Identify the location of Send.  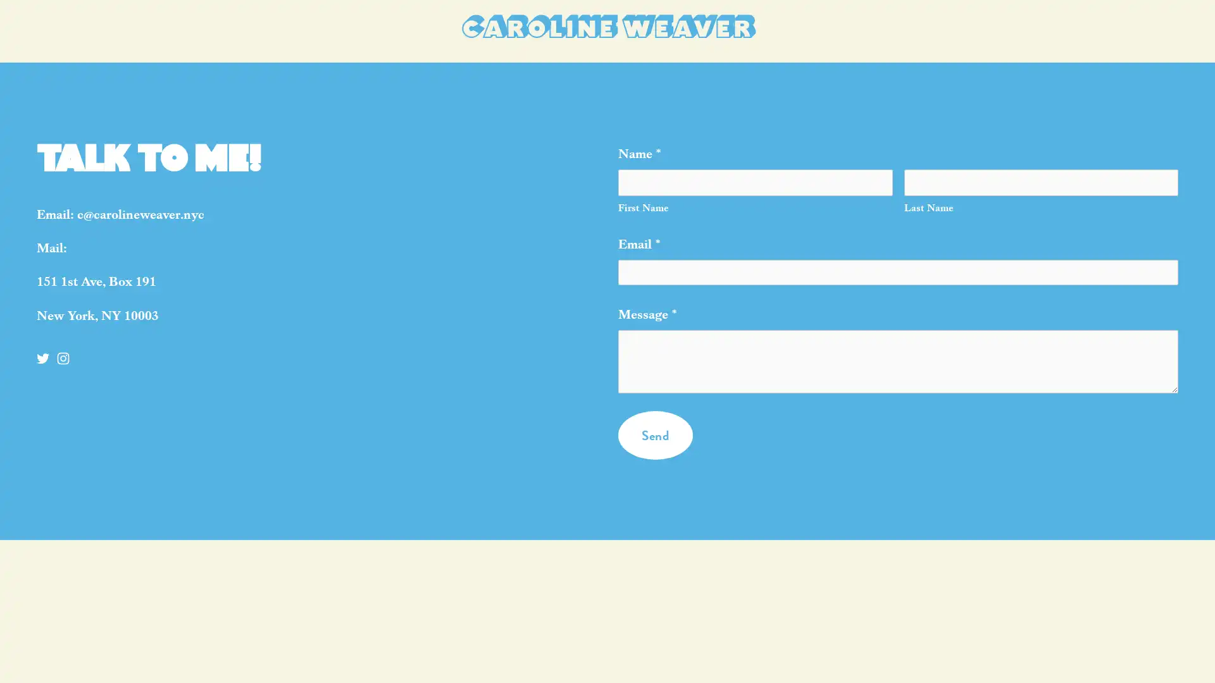
(655, 453).